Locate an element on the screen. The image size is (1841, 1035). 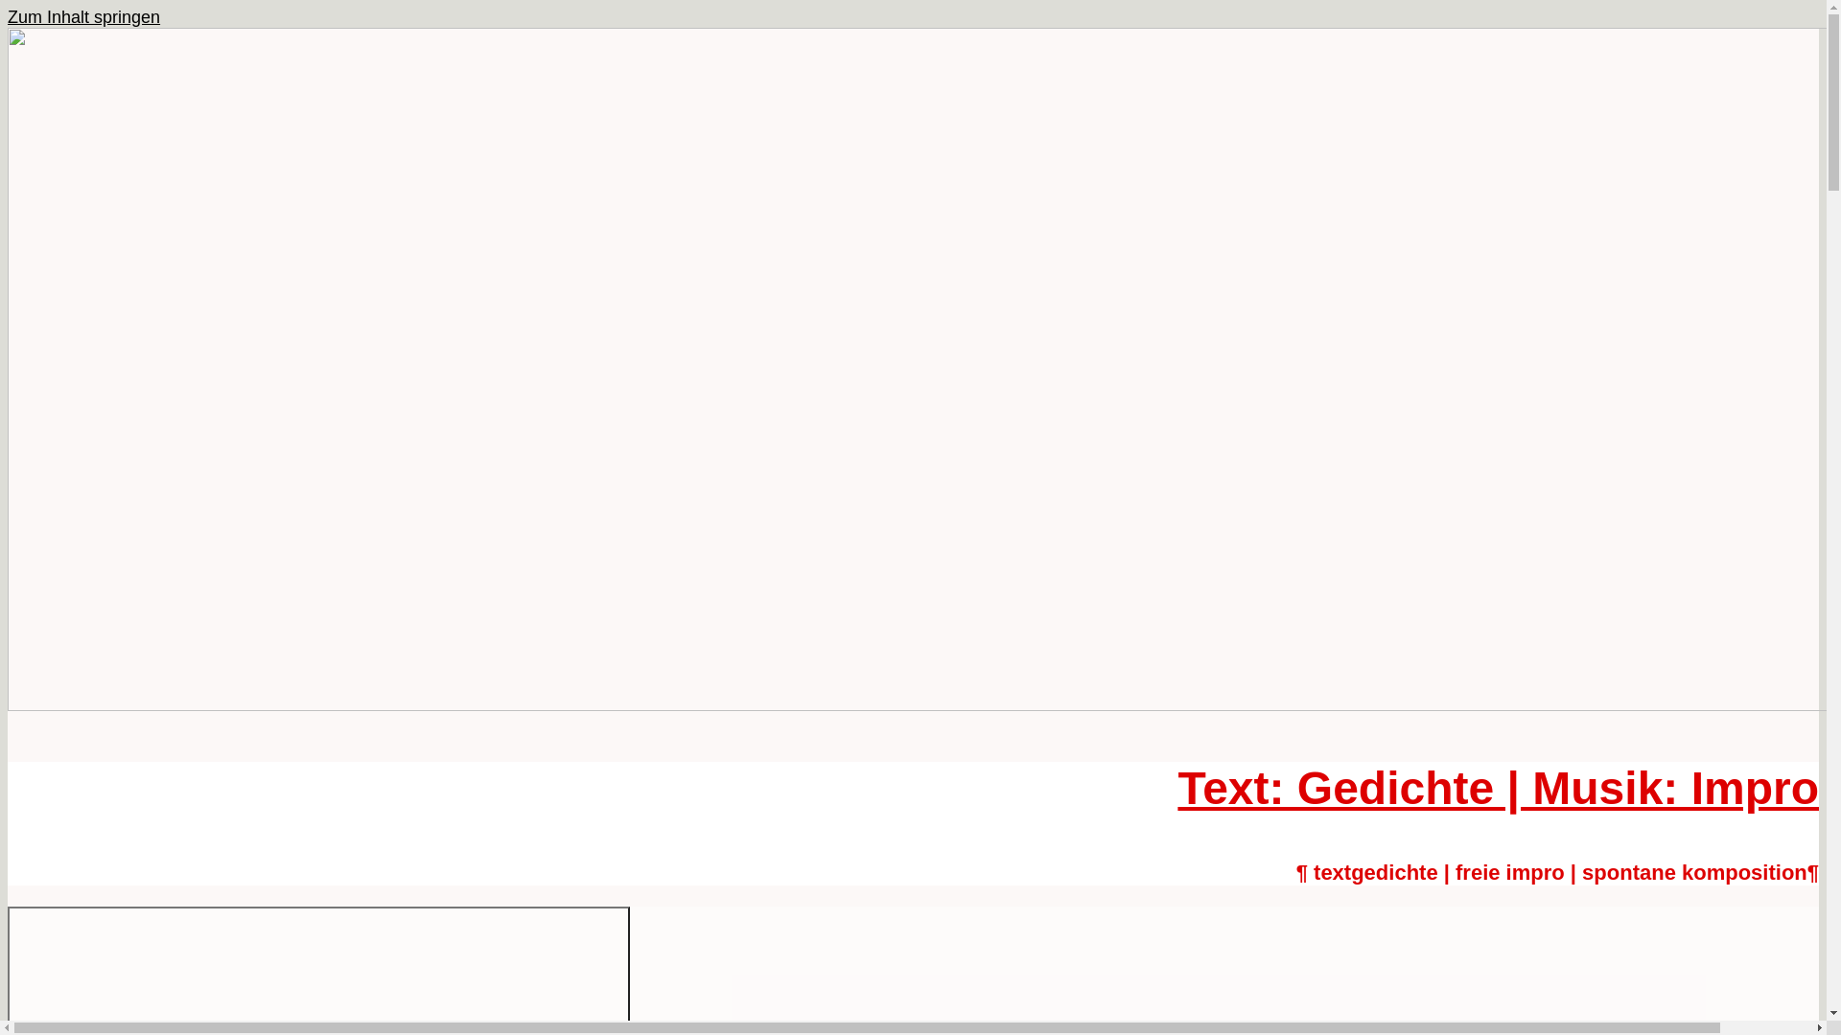
'Zum Inhalt springen' is located at coordinates (82, 17).